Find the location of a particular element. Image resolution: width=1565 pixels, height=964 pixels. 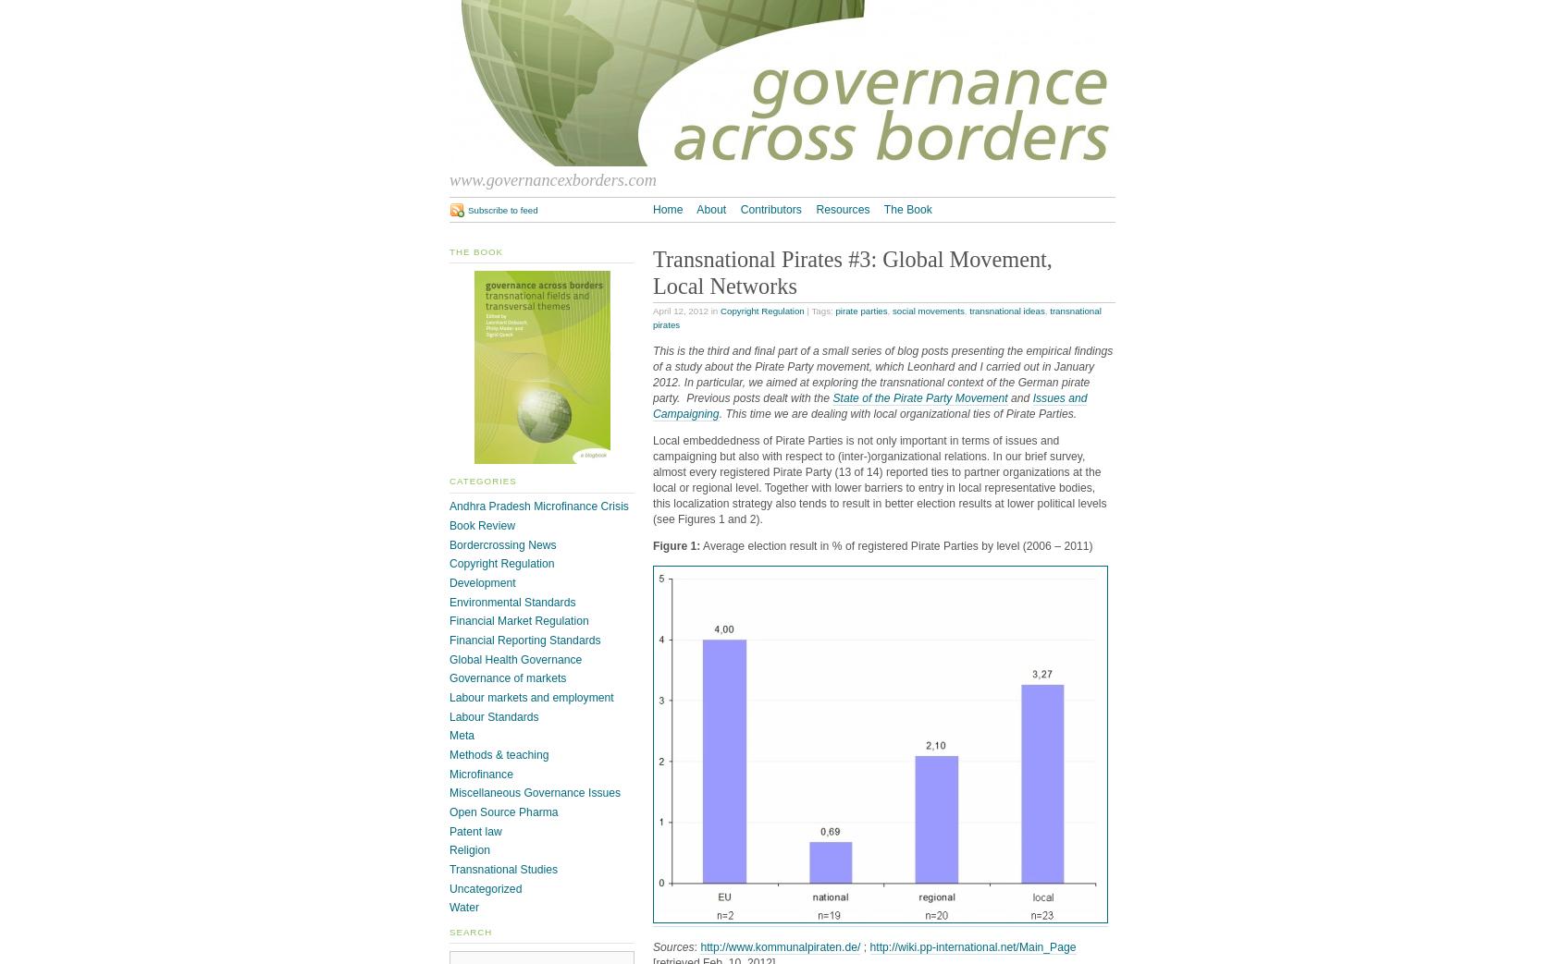

'Transnational Pirates #3: Global Movement, Local Networks' is located at coordinates (852, 272).